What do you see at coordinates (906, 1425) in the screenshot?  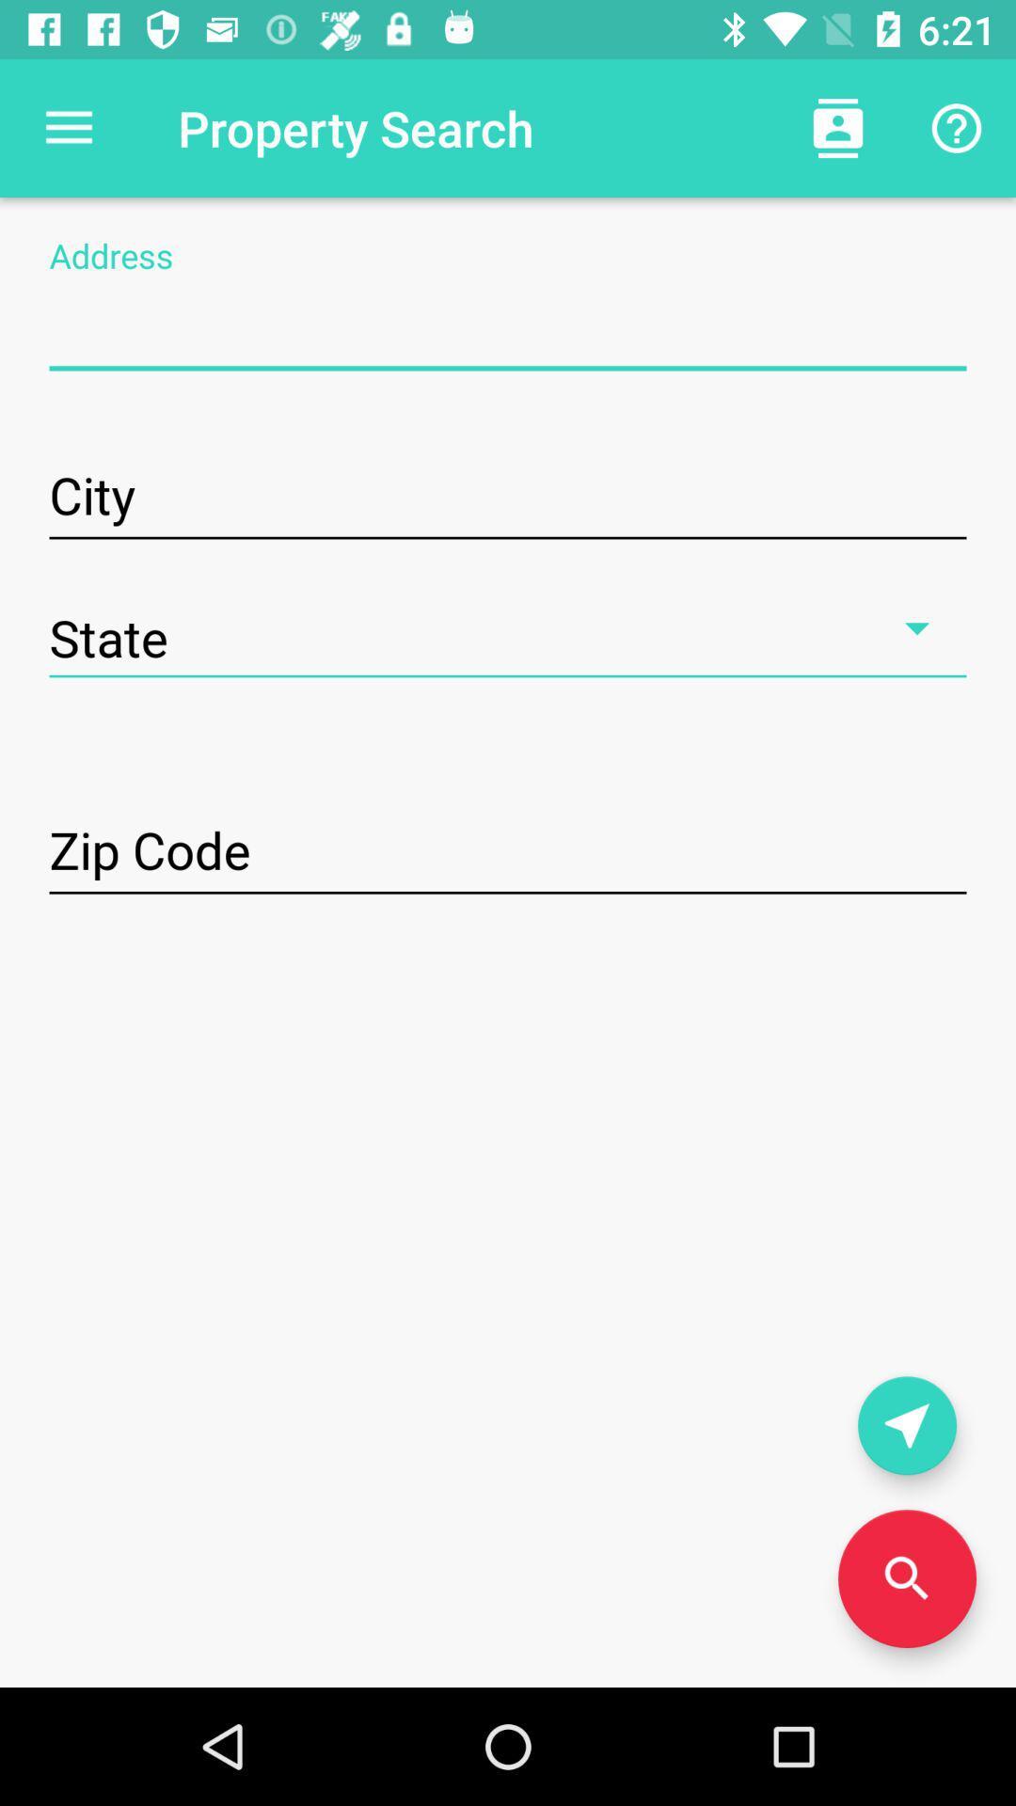 I see `the navigation icon` at bounding box center [906, 1425].